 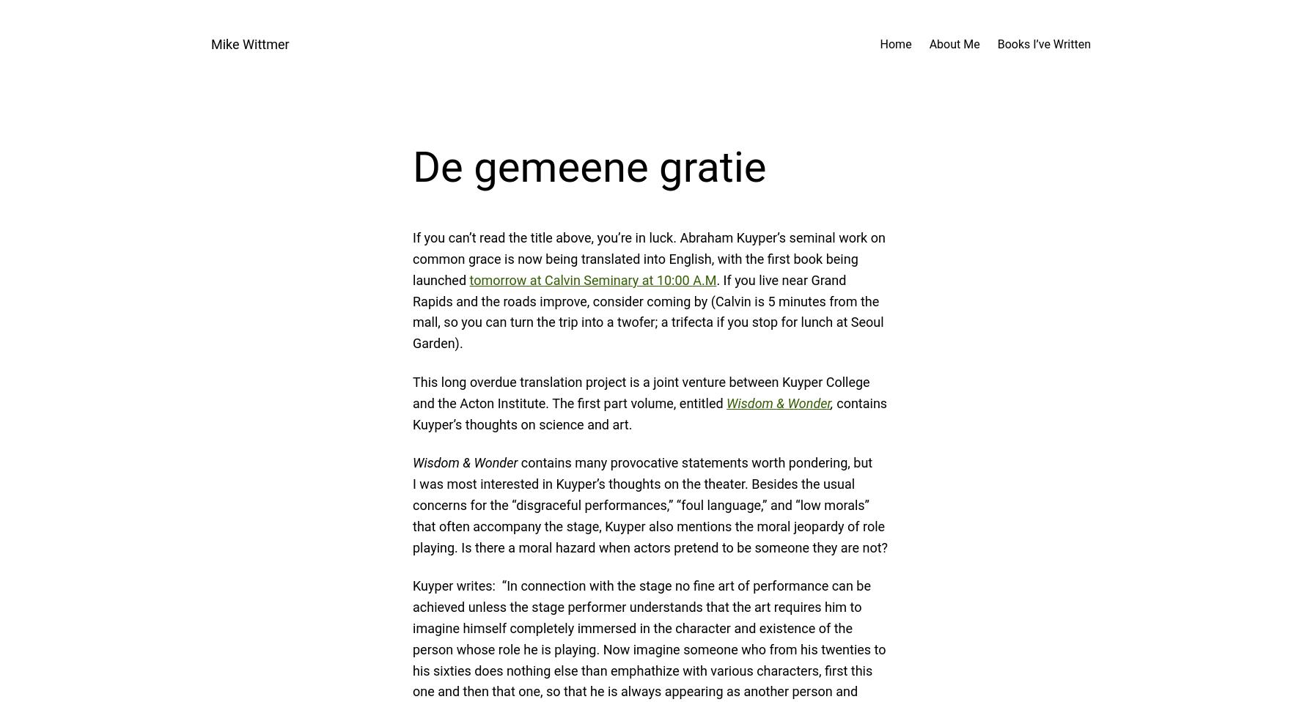 What do you see at coordinates (954, 43) in the screenshot?
I see `'About Me'` at bounding box center [954, 43].